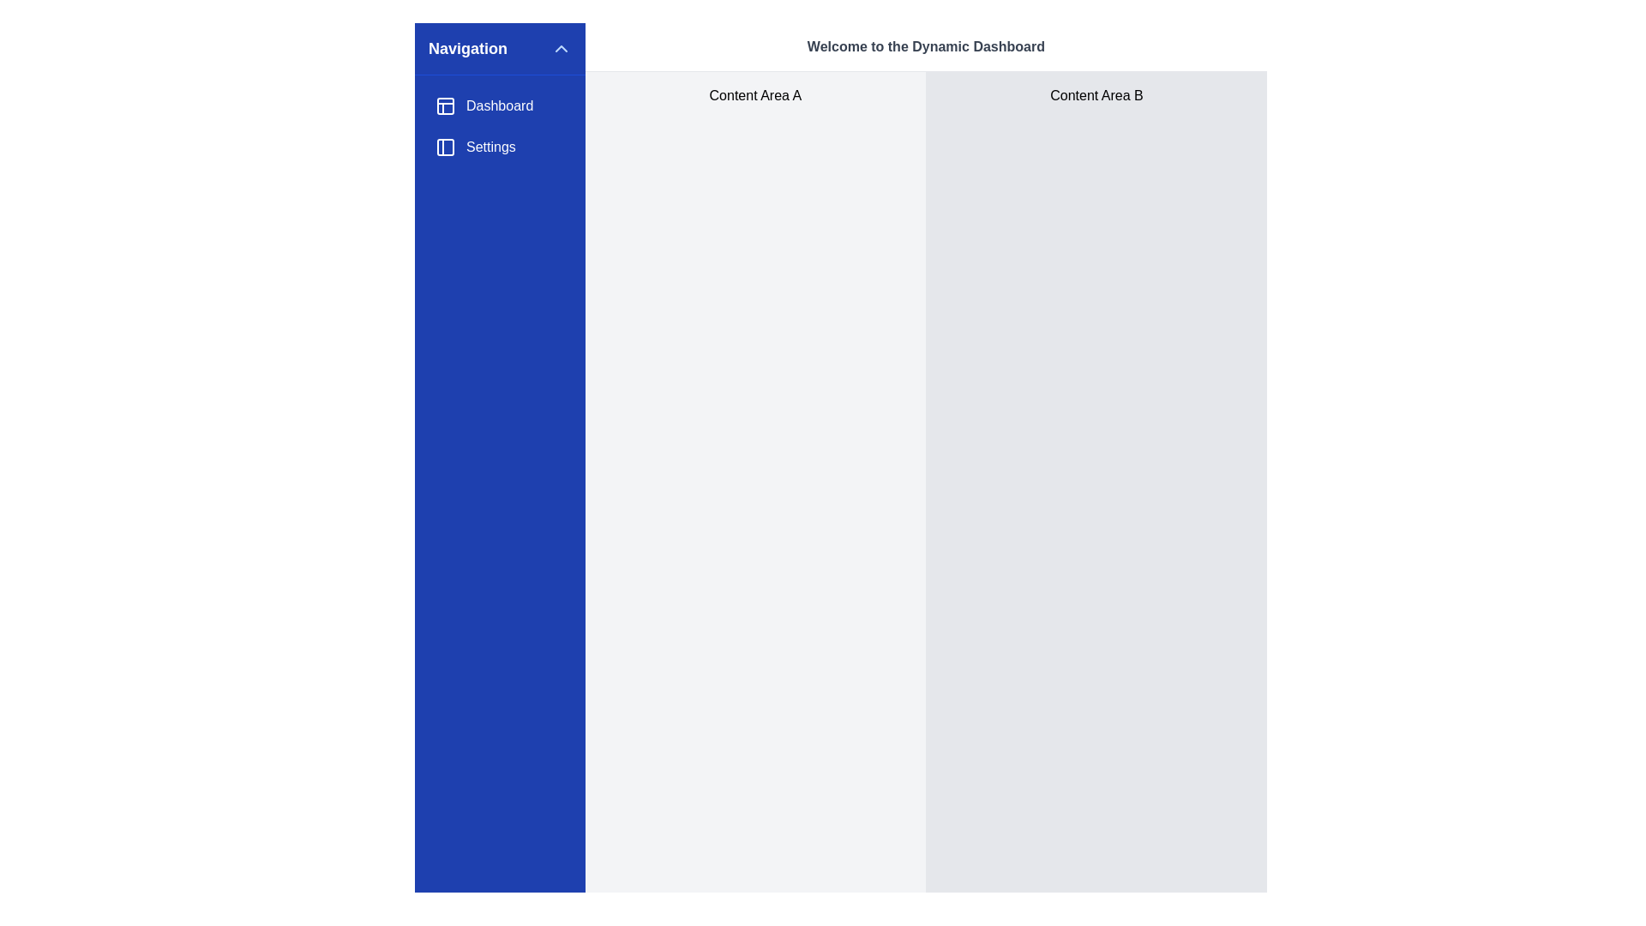  What do you see at coordinates (499, 147) in the screenshot?
I see `the 'Settings' button` at bounding box center [499, 147].